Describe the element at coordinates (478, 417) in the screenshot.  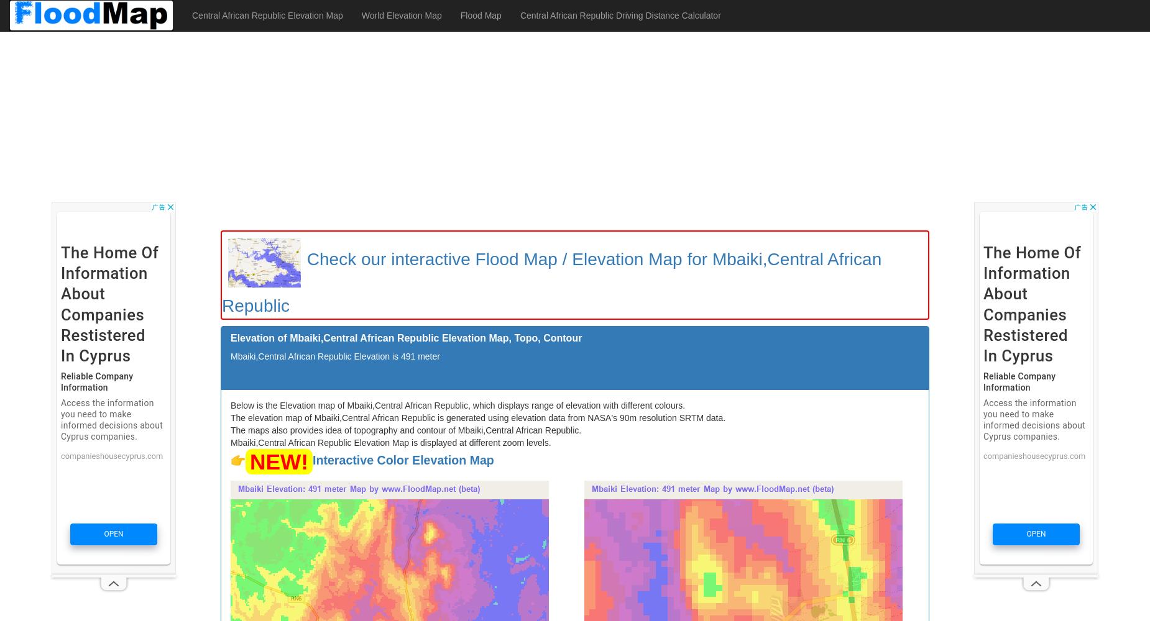
I see `'The elevation map of Mbaiki,Central African Republic is generated using elevation data from NASA's 90m resolution SRTM data.'` at that location.